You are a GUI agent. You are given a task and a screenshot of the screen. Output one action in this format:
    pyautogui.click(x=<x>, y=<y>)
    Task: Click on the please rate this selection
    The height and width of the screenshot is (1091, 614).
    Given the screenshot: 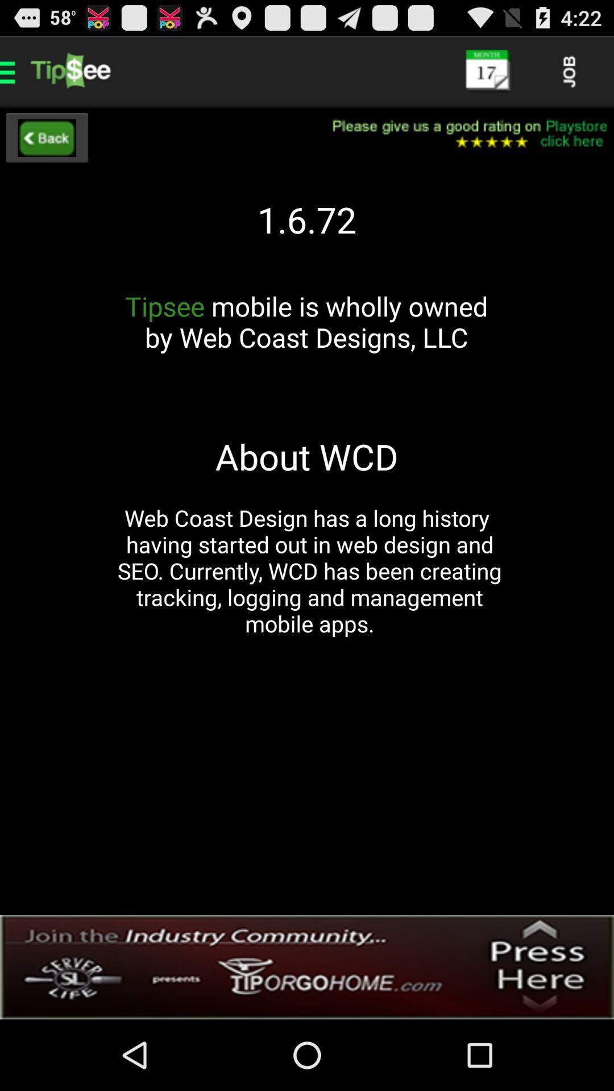 What is the action you would take?
    pyautogui.click(x=462, y=134)
    